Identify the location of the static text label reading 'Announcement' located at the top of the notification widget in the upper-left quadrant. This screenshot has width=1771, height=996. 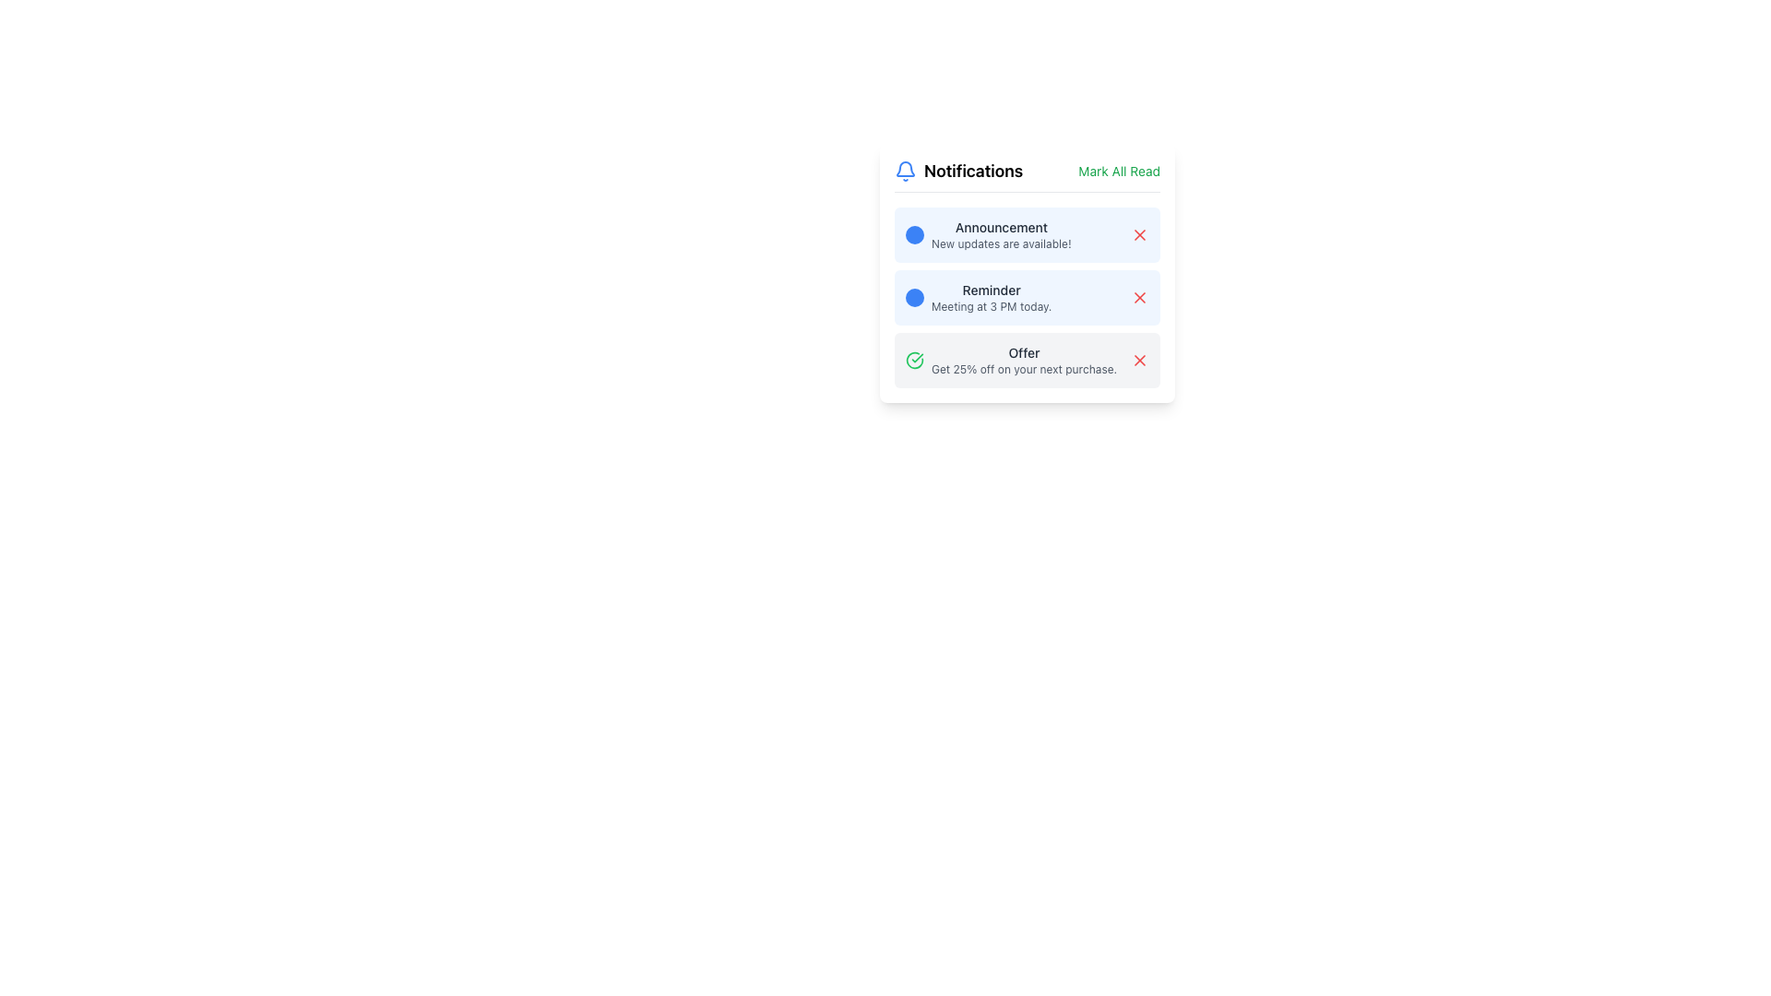
(1000, 226).